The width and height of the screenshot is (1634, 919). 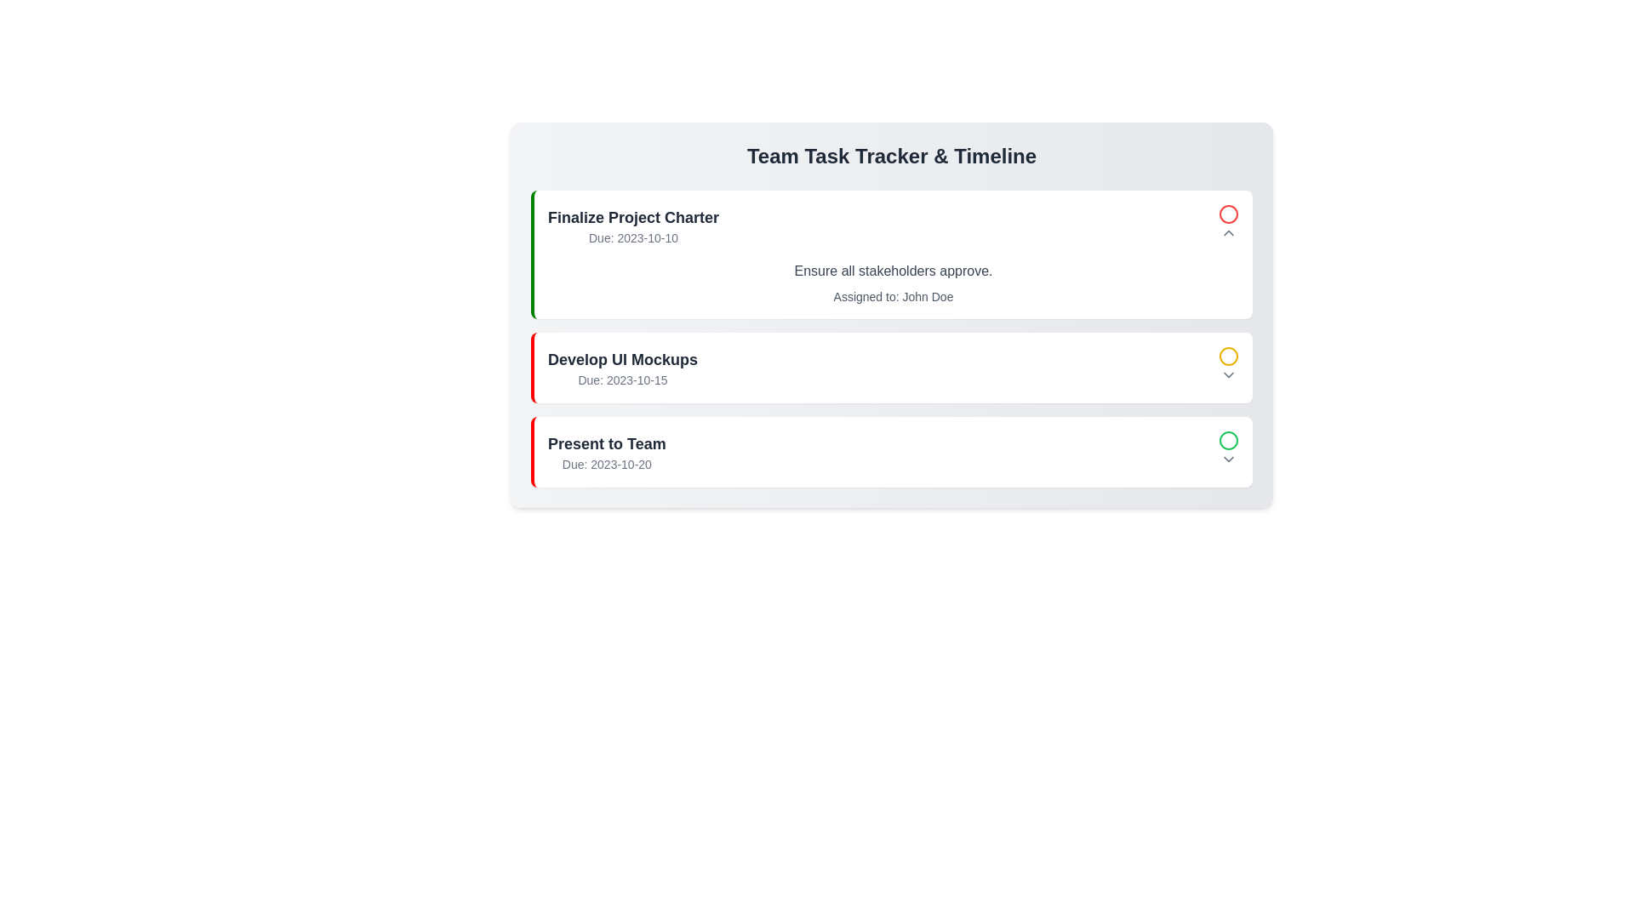 I want to click on the yellow circular graphic indicator located on the right side of the 'Develop UI Mockups' task in the task tracker interface, so click(x=1229, y=356).